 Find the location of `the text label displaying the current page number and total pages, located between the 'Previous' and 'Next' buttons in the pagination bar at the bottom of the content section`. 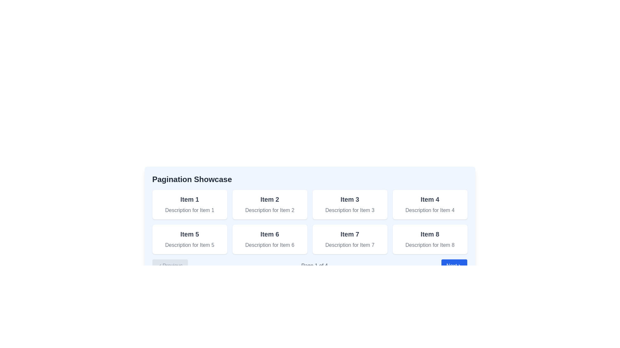

the text label displaying the current page number and total pages, located between the 'Previous' and 'Next' buttons in the pagination bar at the bottom of the content section is located at coordinates (315, 266).